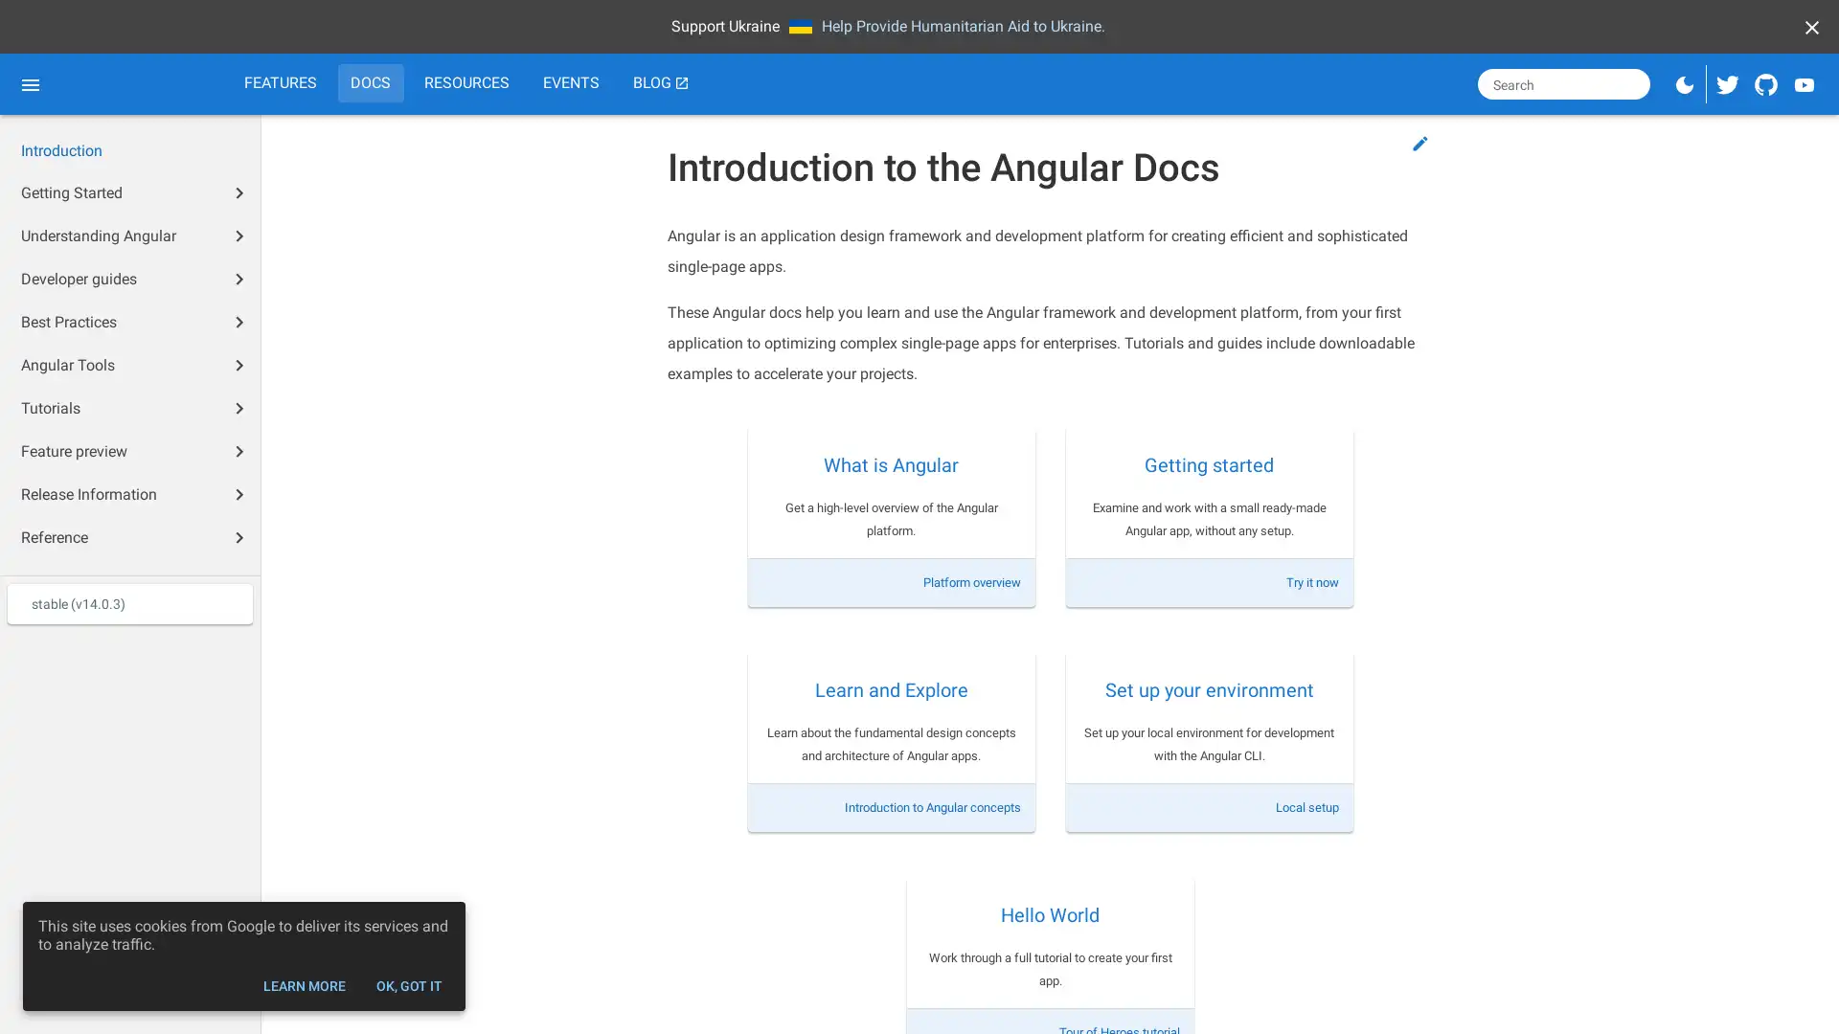 The width and height of the screenshot is (1839, 1034). I want to click on Tutorials, so click(128, 408).